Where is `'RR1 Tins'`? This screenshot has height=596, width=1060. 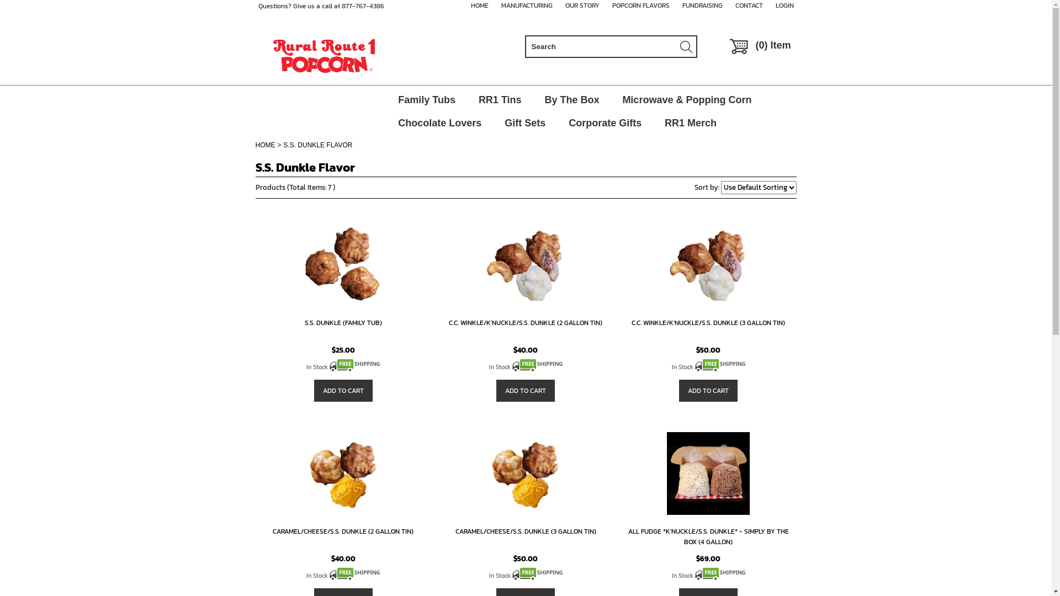 'RR1 Tins' is located at coordinates (500, 97).